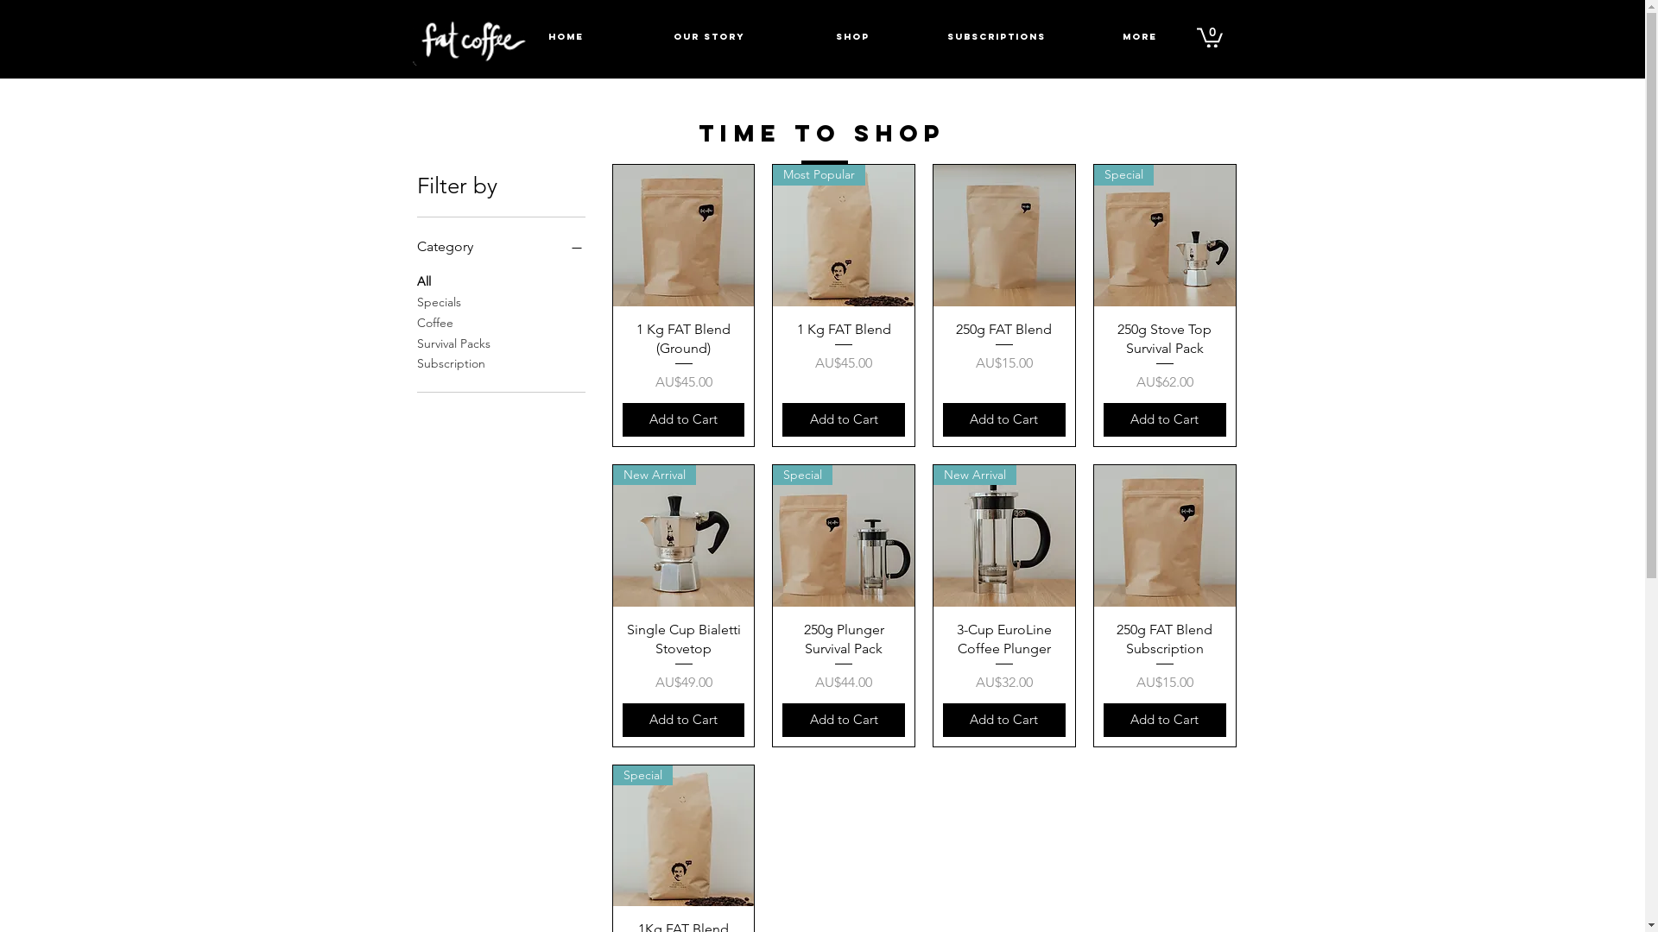 The image size is (1658, 932). I want to click on 'SHOP', so click(852, 36).